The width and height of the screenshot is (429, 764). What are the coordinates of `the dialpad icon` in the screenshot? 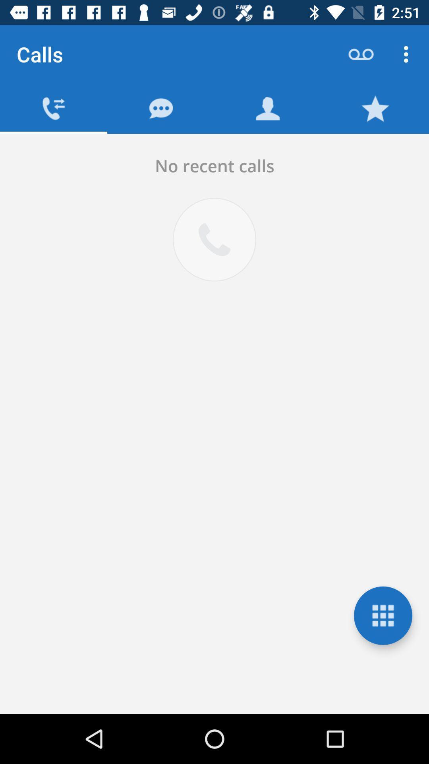 It's located at (383, 615).